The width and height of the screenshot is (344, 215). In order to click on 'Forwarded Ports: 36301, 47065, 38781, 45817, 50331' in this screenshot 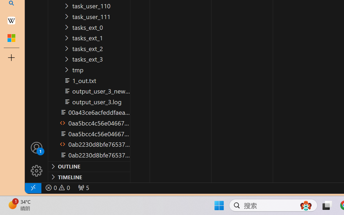, I will do `click(83, 188)`.